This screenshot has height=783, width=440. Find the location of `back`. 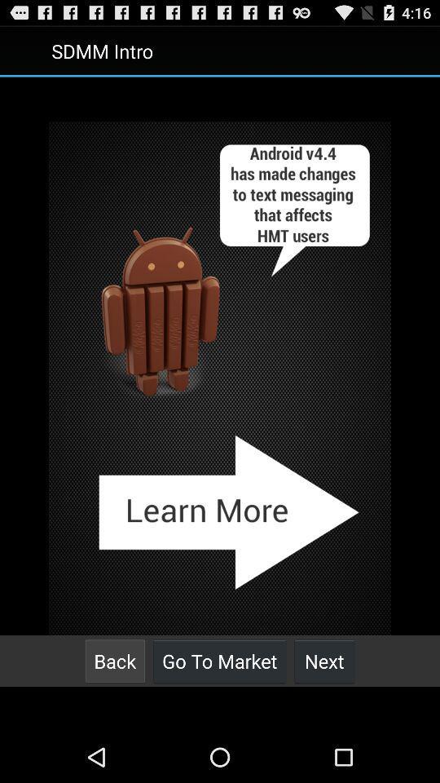

back is located at coordinates (114, 661).